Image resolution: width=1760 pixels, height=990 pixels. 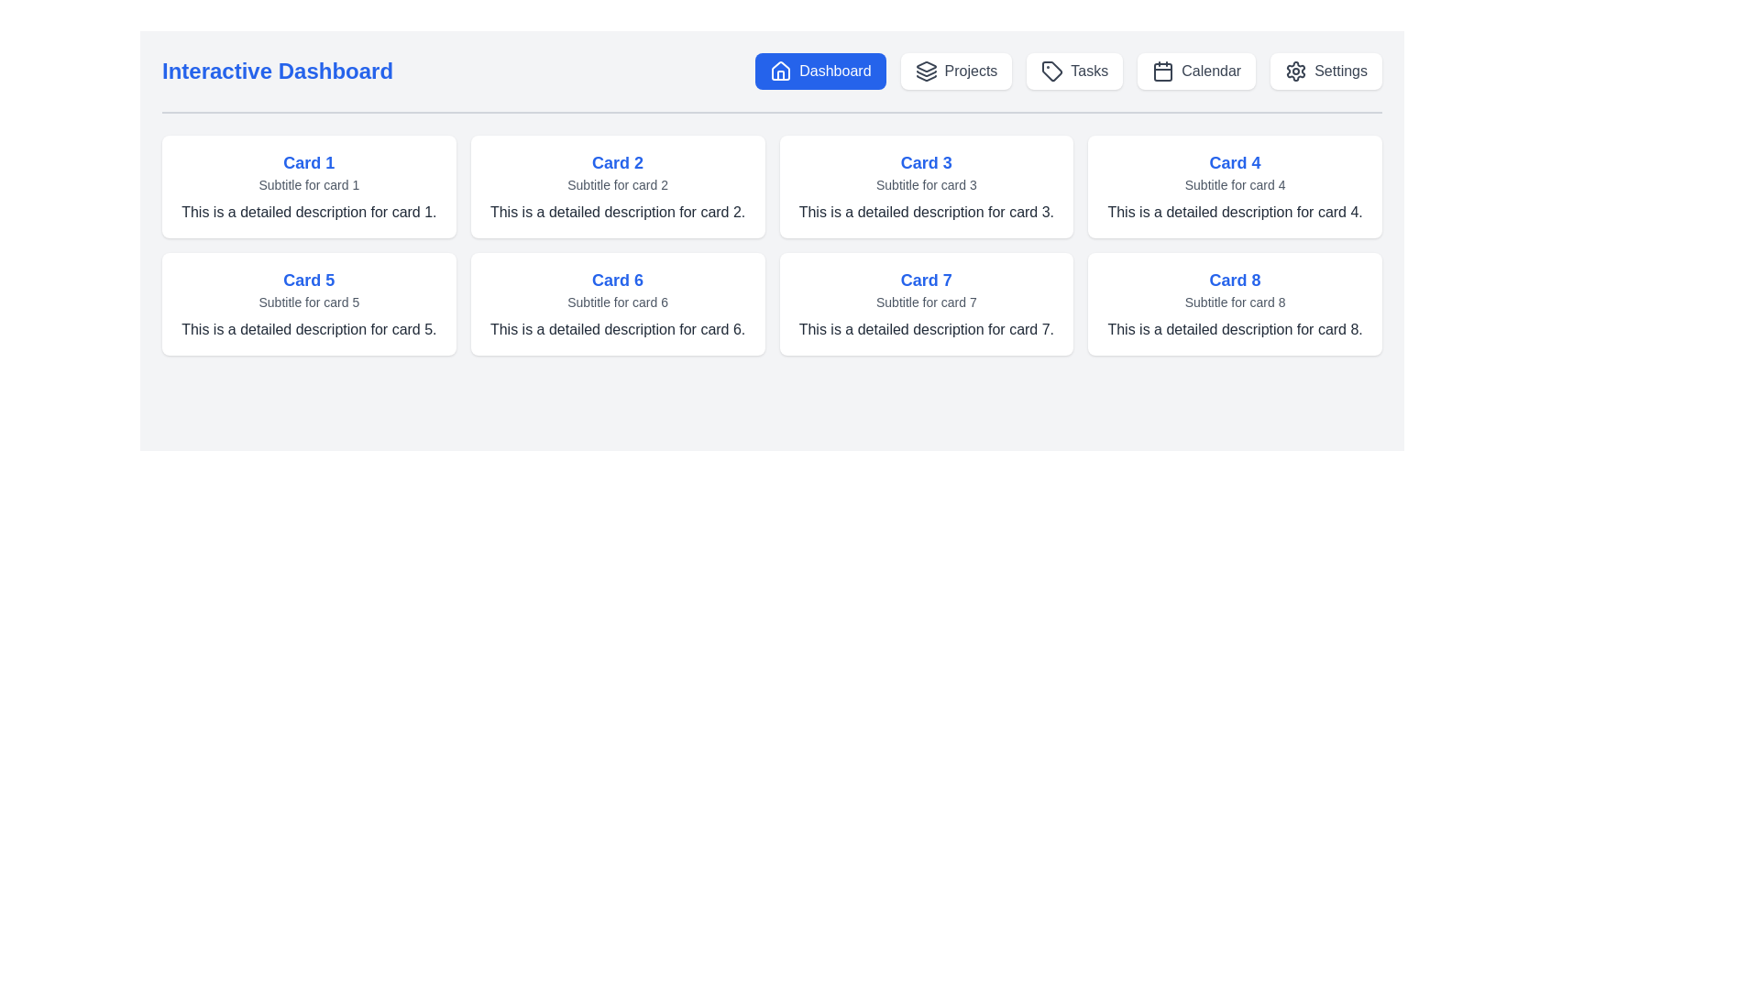 What do you see at coordinates (926, 161) in the screenshot?
I see `the text label 'Card 3' which is styled with a bold, large blue font and positioned at the top of the third card in a grid layout` at bounding box center [926, 161].